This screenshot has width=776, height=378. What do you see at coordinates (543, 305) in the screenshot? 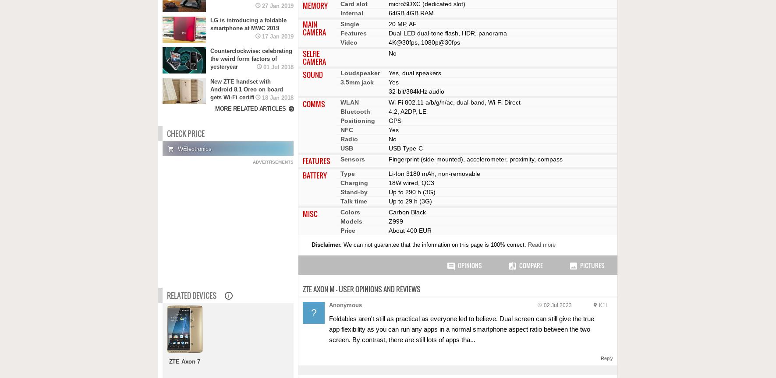
I see `'02 Jul 2023'` at bounding box center [543, 305].